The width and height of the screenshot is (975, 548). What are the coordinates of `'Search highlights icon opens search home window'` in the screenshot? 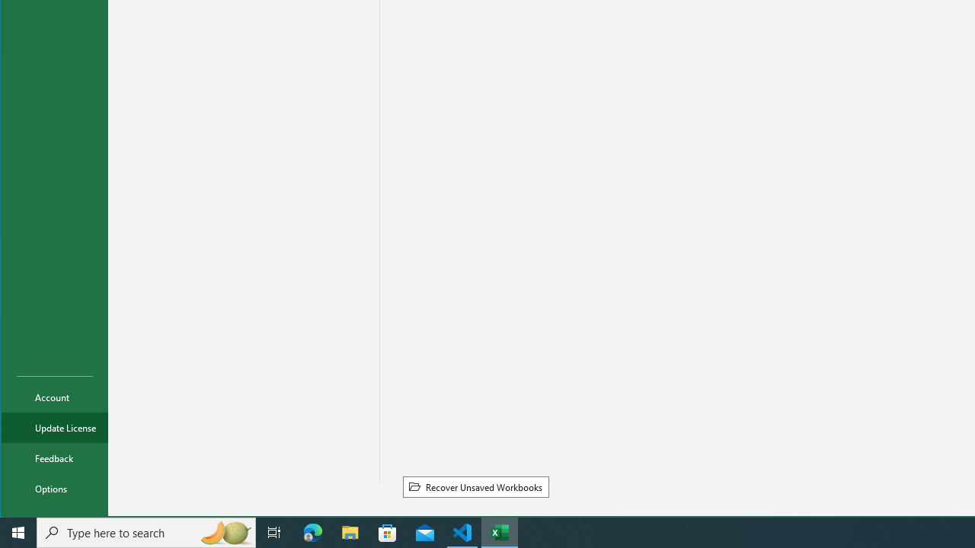 It's located at (224, 531).